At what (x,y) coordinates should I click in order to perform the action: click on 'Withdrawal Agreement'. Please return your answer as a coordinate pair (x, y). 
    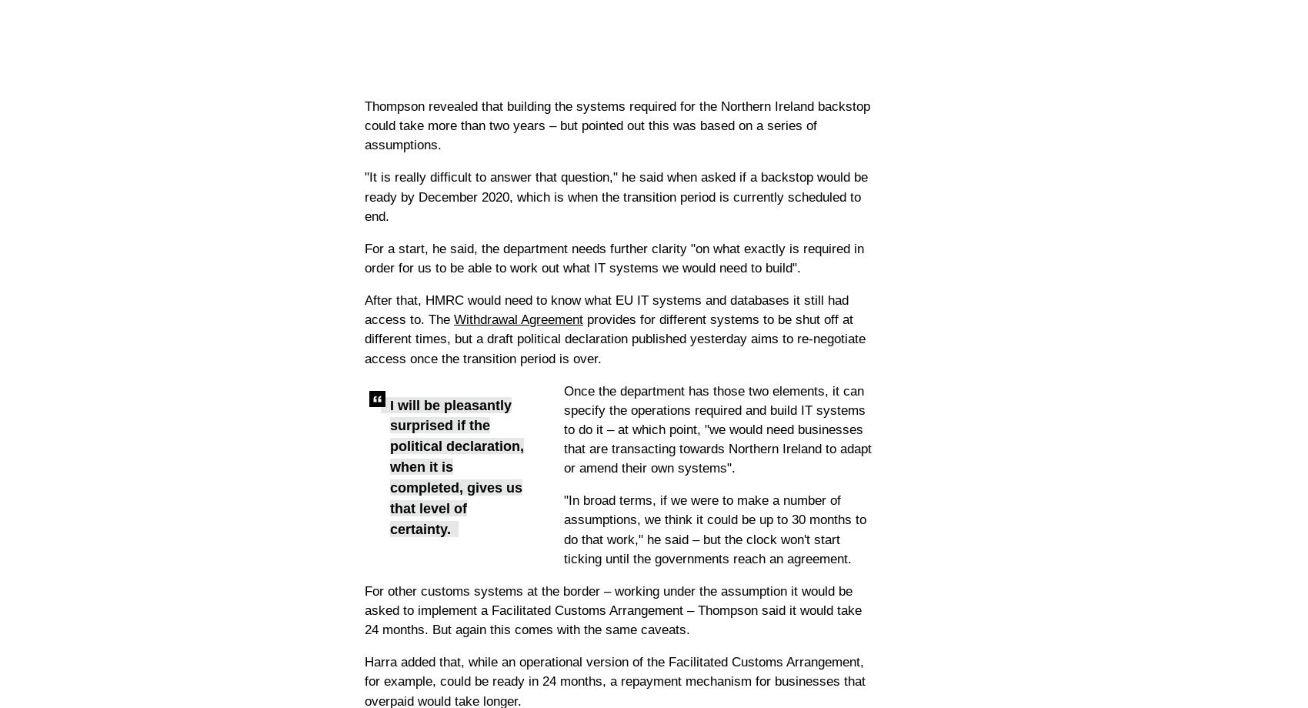
    Looking at the image, I should click on (519, 319).